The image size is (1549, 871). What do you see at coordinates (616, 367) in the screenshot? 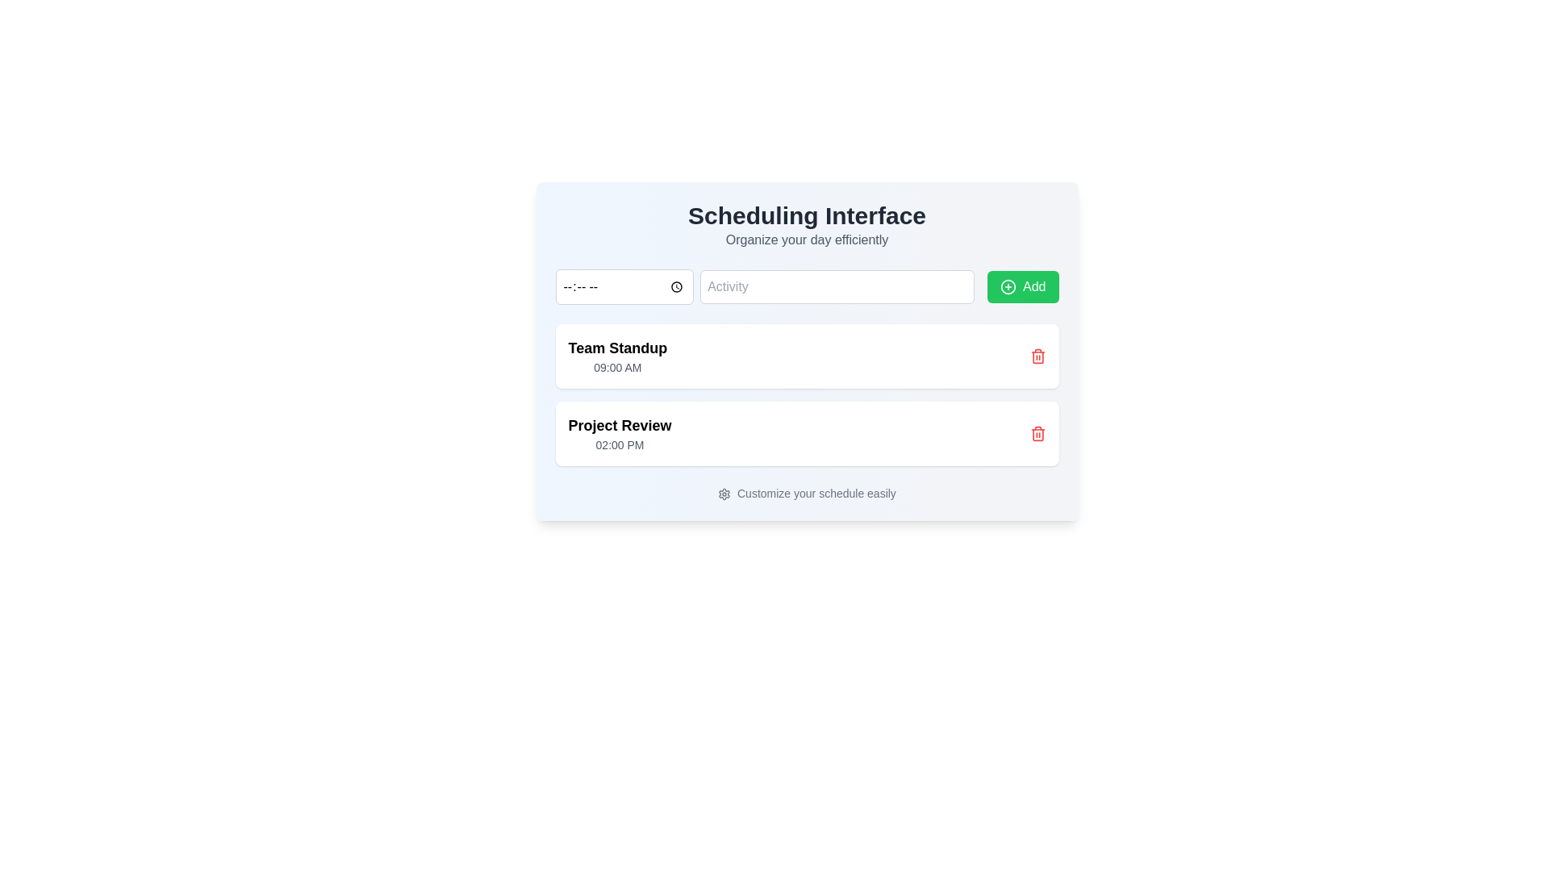
I see `the text label displaying '09:00 AM' which is located below the title 'Team Standup' in the schedule list` at bounding box center [616, 367].